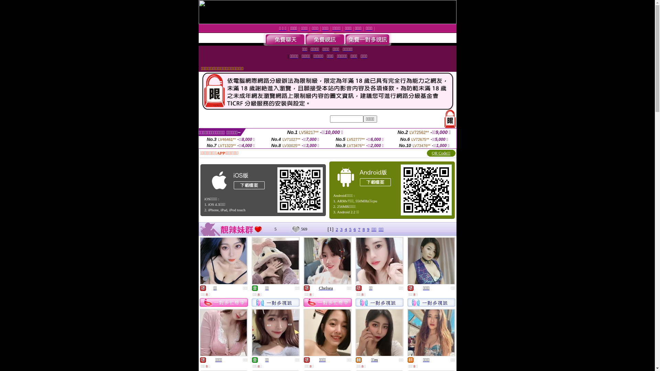 The image size is (660, 371). Describe the element at coordinates (350, 229) in the screenshot. I see `'5'` at that location.